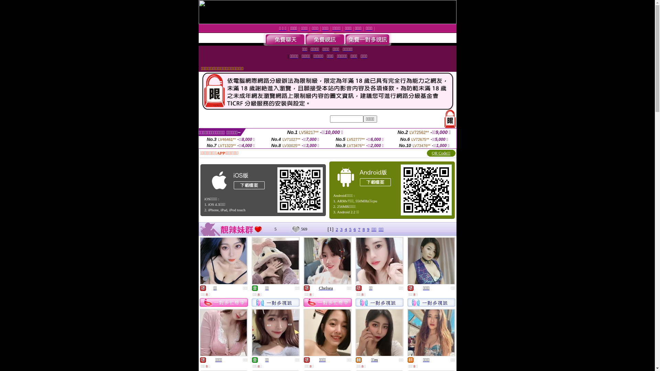 The image size is (660, 371). Describe the element at coordinates (350, 229) in the screenshot. I see `'5'` at that location.